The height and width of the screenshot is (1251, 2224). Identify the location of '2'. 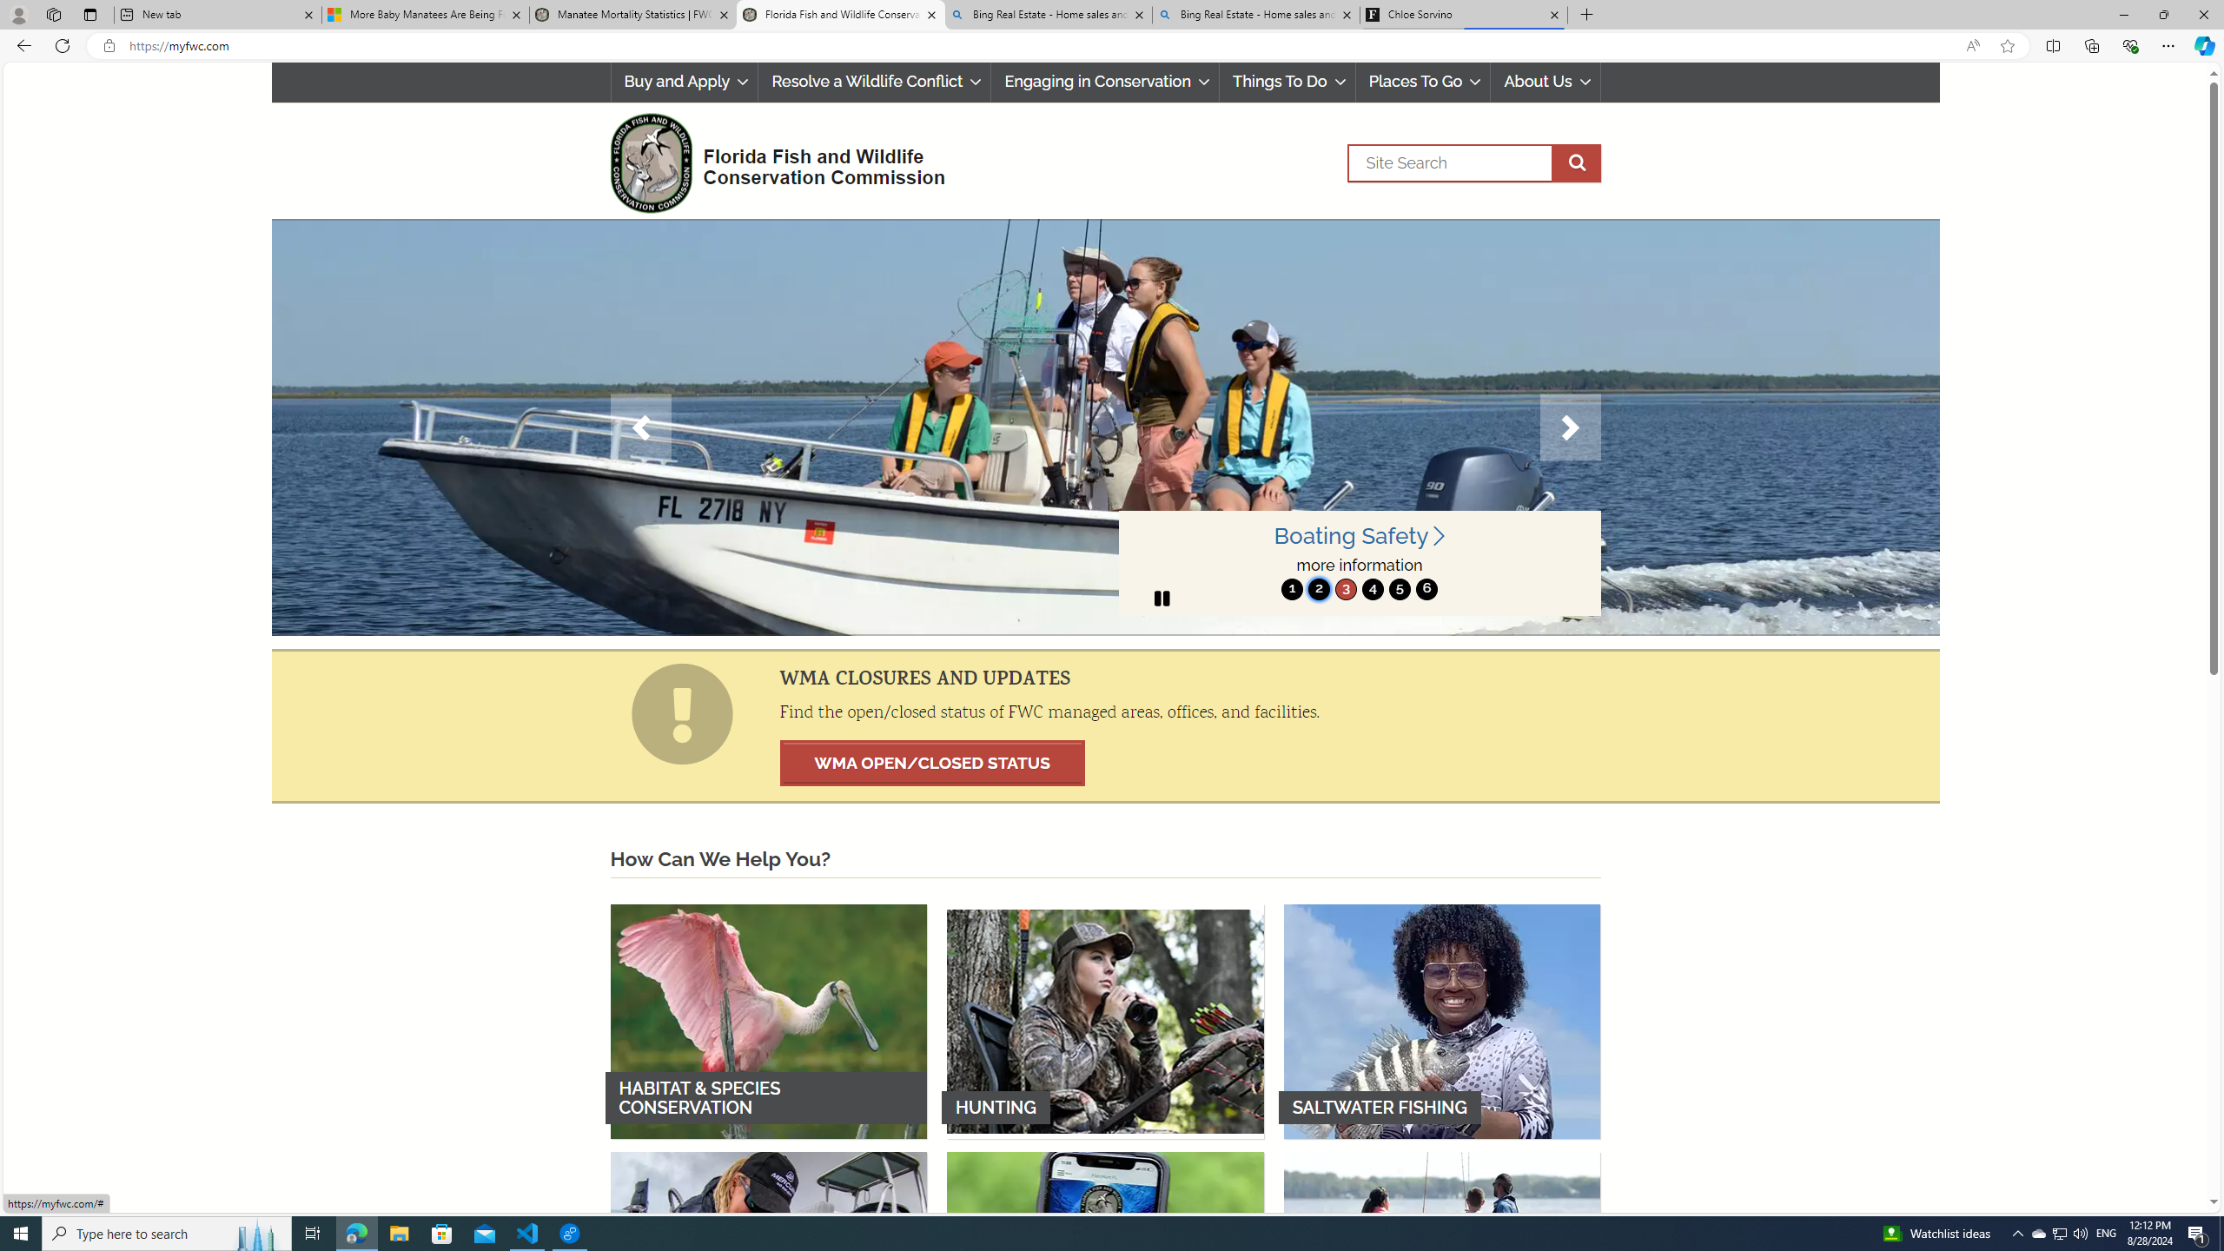
(1318, 588).